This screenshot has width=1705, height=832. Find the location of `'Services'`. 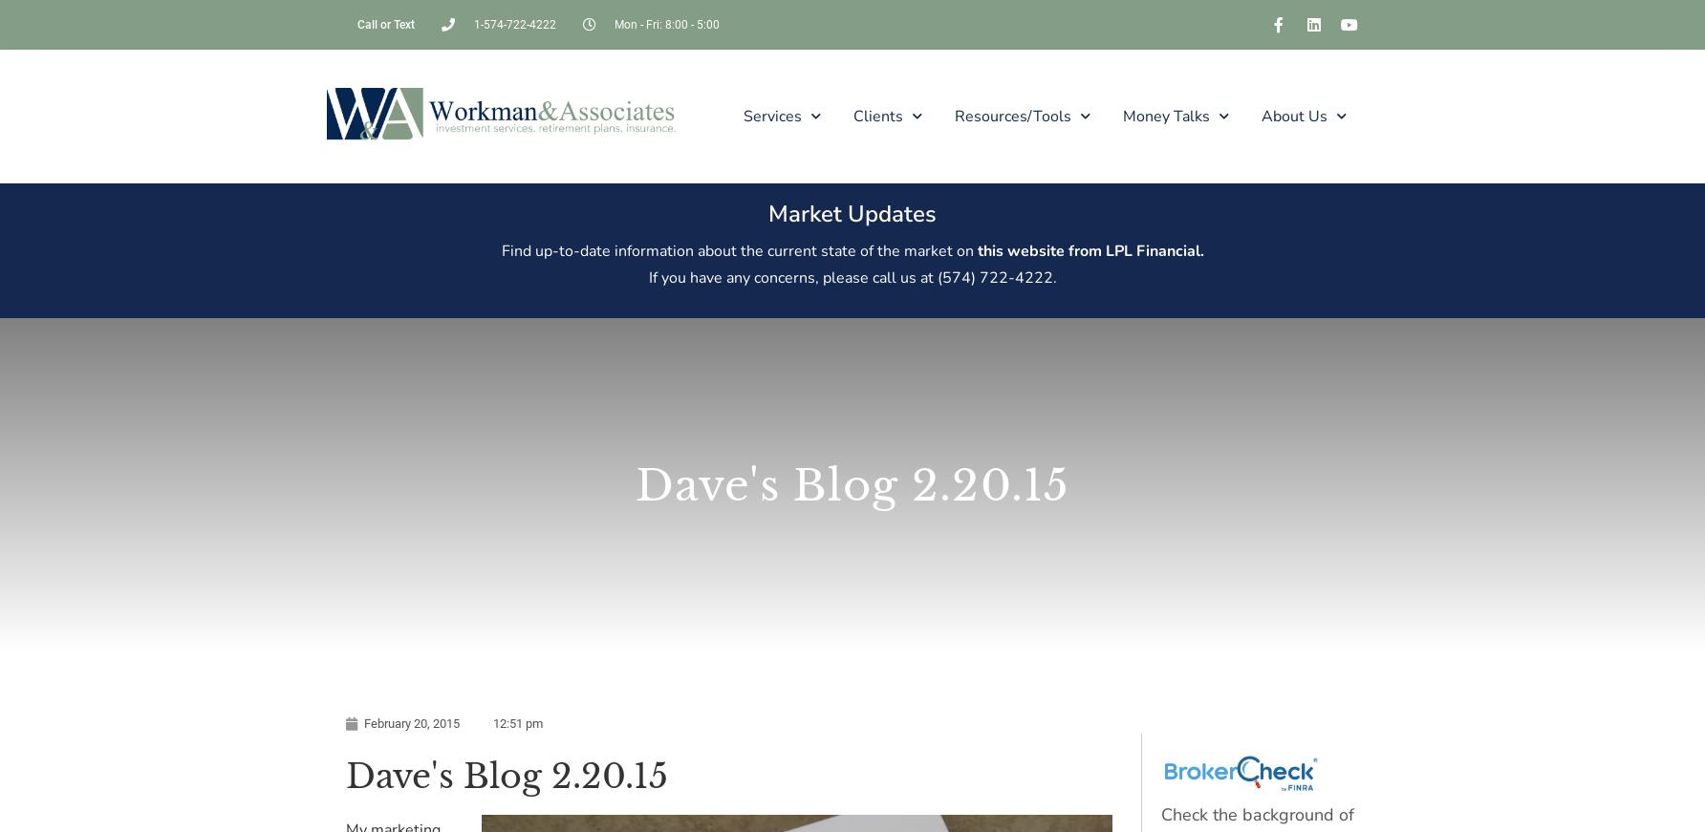

'Services' is located at coordinates (742, 114).